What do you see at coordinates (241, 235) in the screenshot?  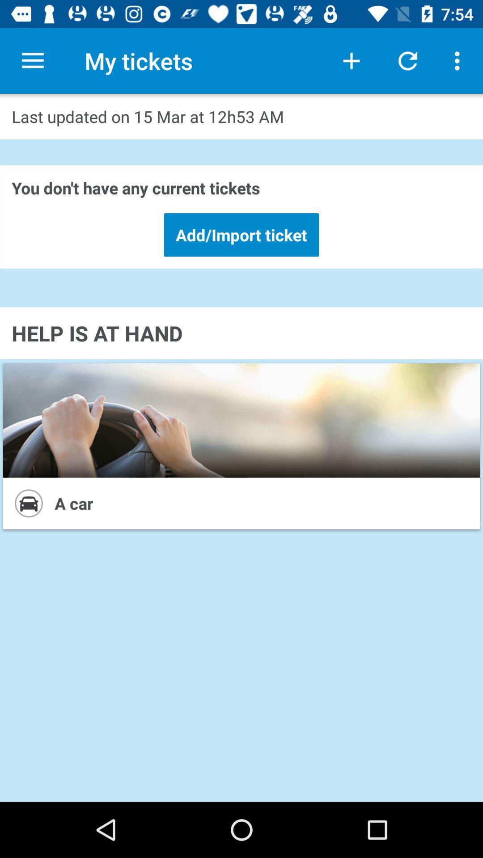 I see `the add/import ticket` at bounding box center [241, 235].